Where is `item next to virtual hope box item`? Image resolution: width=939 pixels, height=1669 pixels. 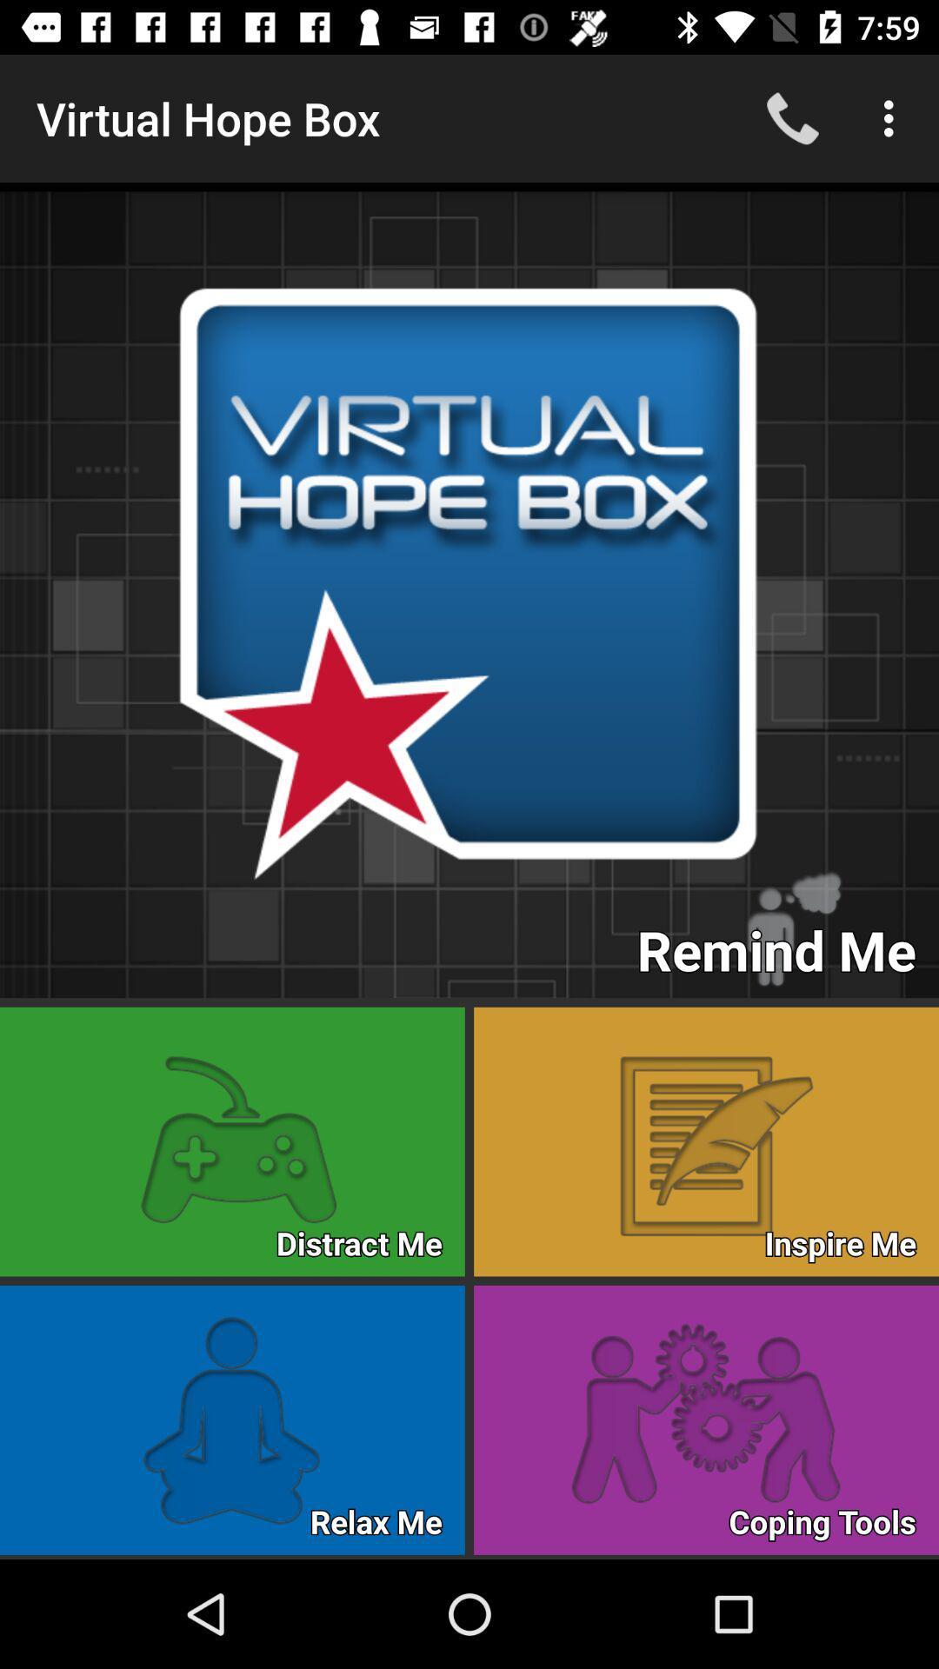
item next to virtual hope box item is located at coordinates (792, 117).